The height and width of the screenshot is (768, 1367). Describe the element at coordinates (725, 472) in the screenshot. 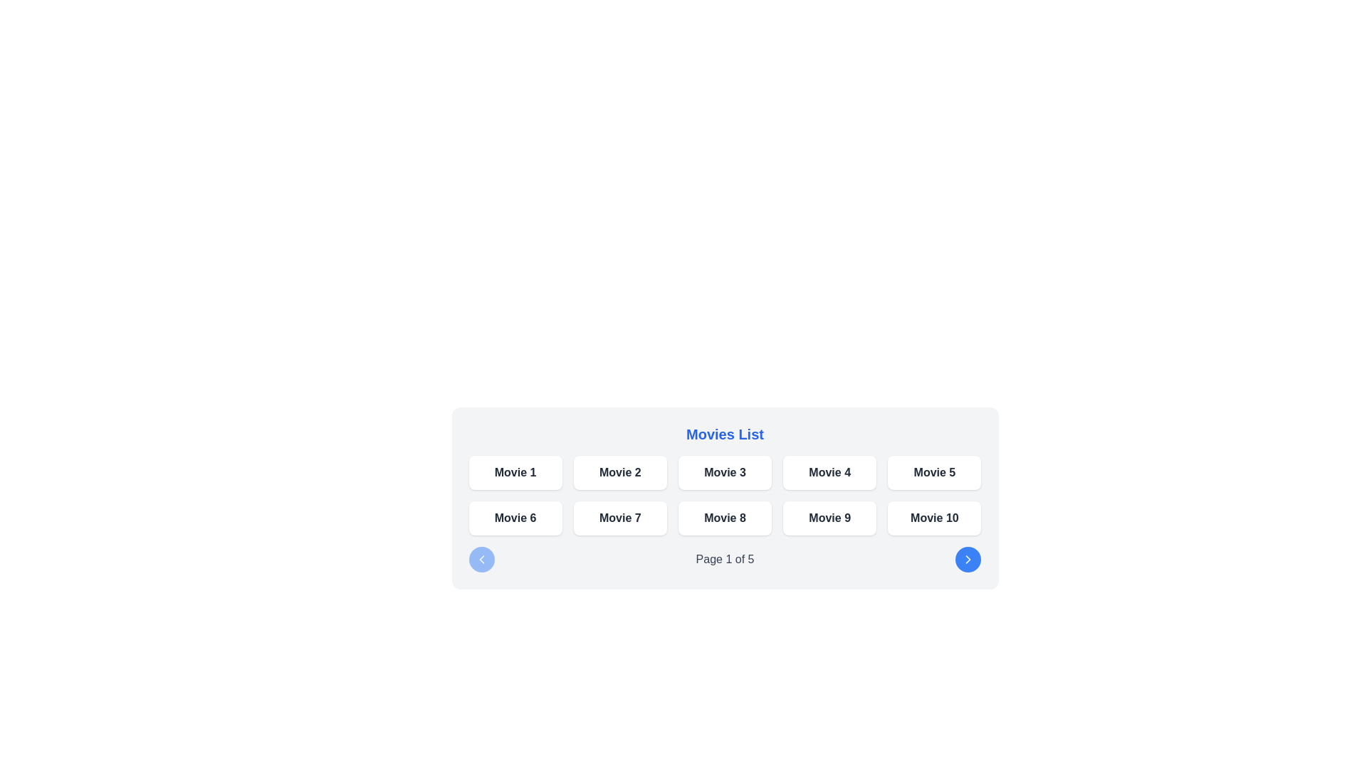

I see `the static text label 'Movie 3' which is a rectangular card with a white background, rounded corners, and a shadow effect, located in the 3rd position of the first row in the 'Movies List' grid layout` at that location.